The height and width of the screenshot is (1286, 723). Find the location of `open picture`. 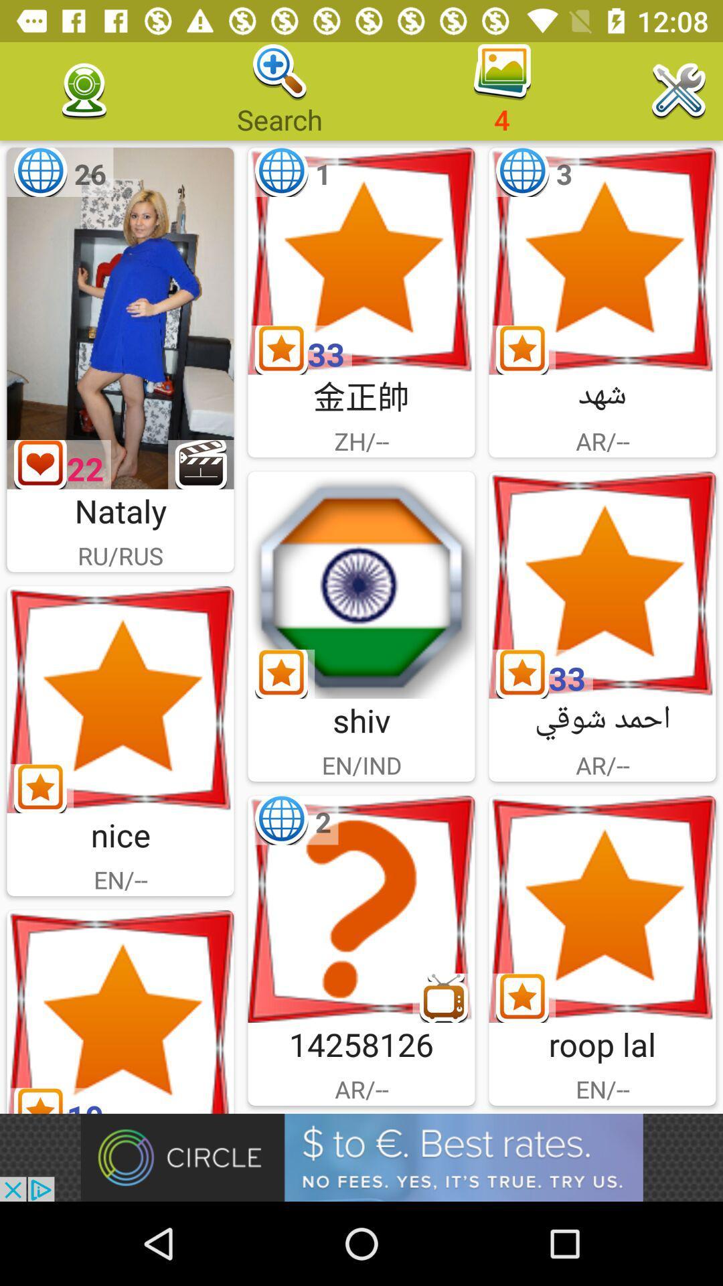

open picture is located at coordinates (361, 585).